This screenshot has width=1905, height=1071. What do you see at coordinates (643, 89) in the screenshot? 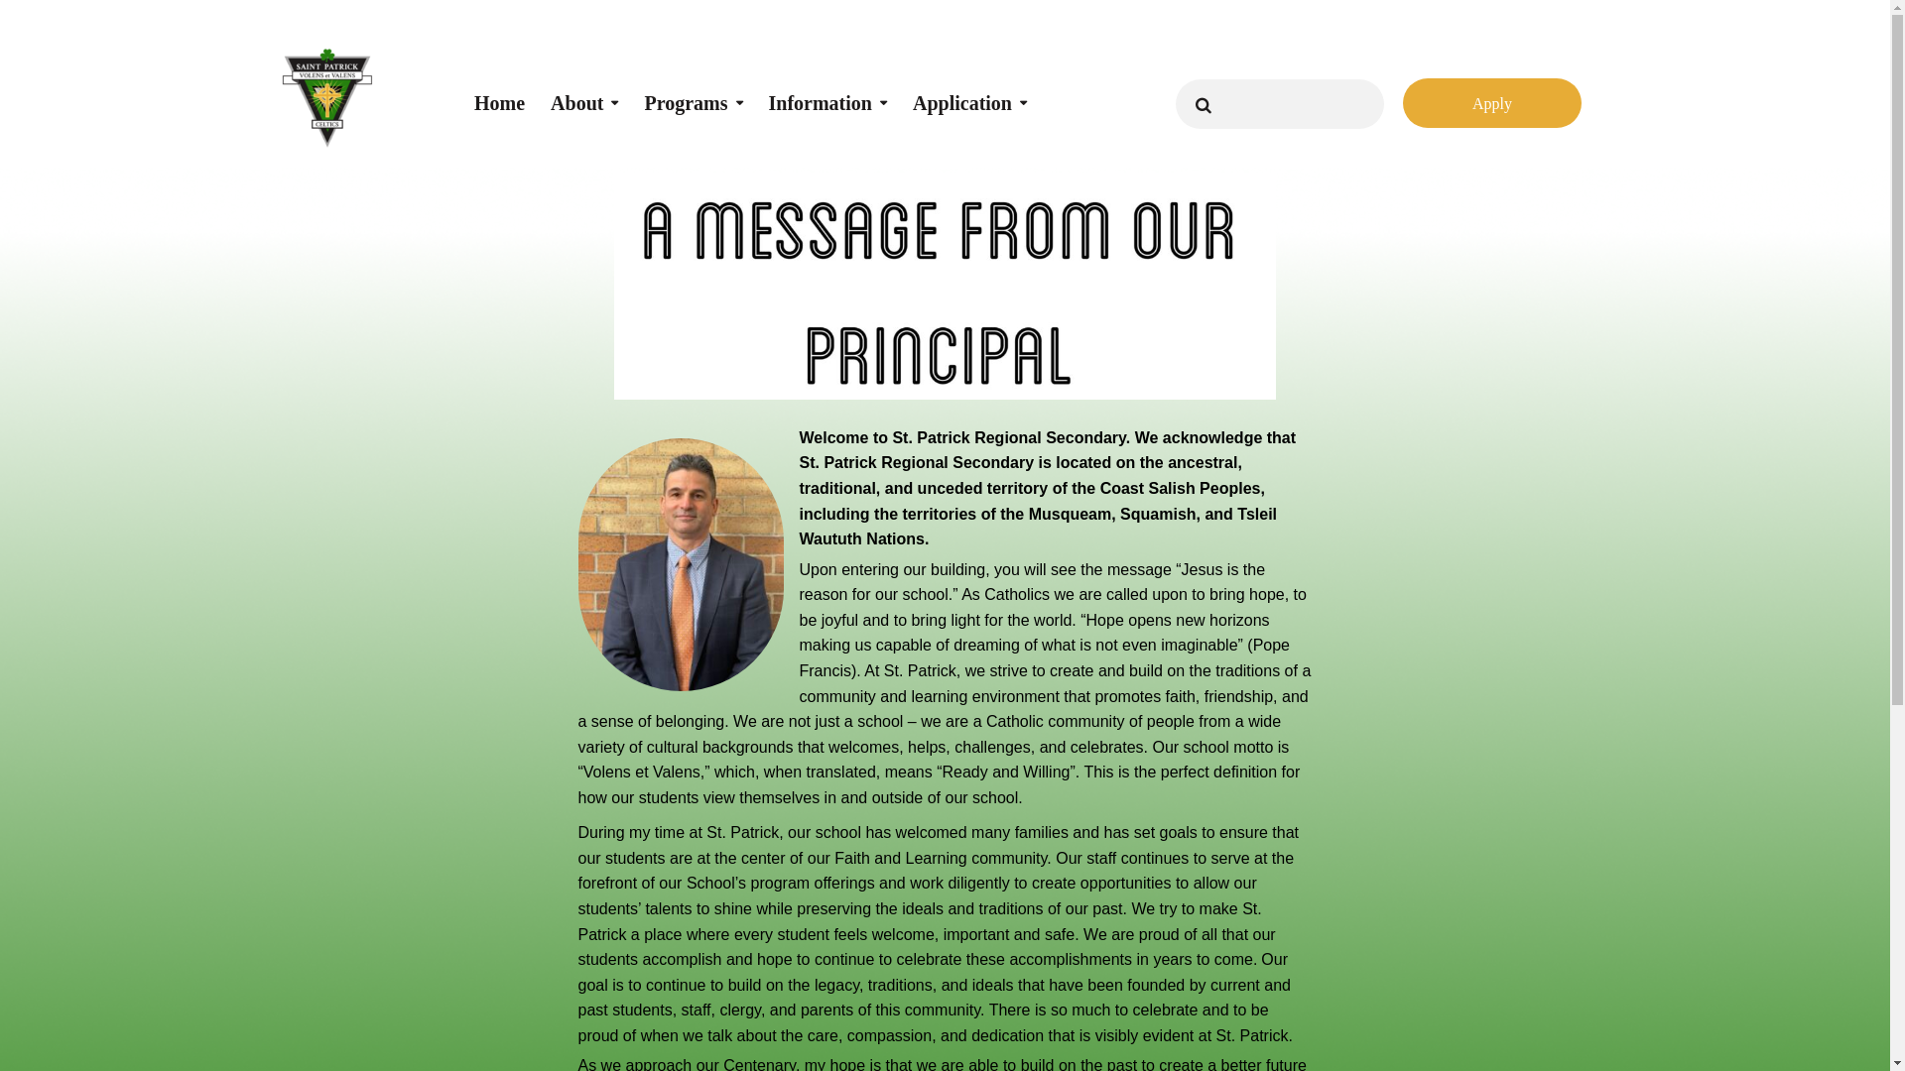
I see `'Programs'` at bounding box center [643, 89].